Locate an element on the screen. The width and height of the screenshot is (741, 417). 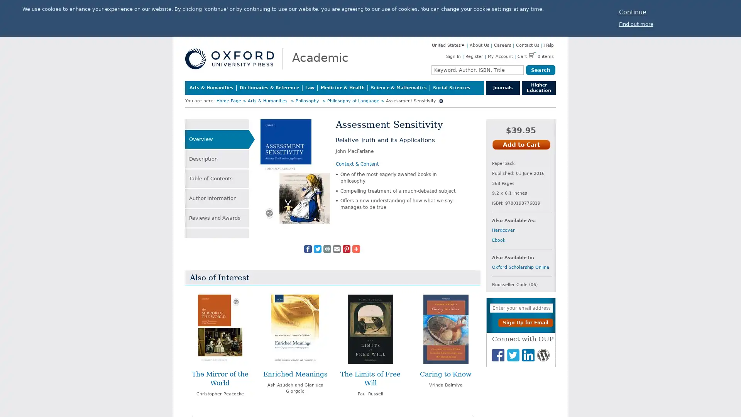
Sign Up for Email is located at coordinates (525, 323).